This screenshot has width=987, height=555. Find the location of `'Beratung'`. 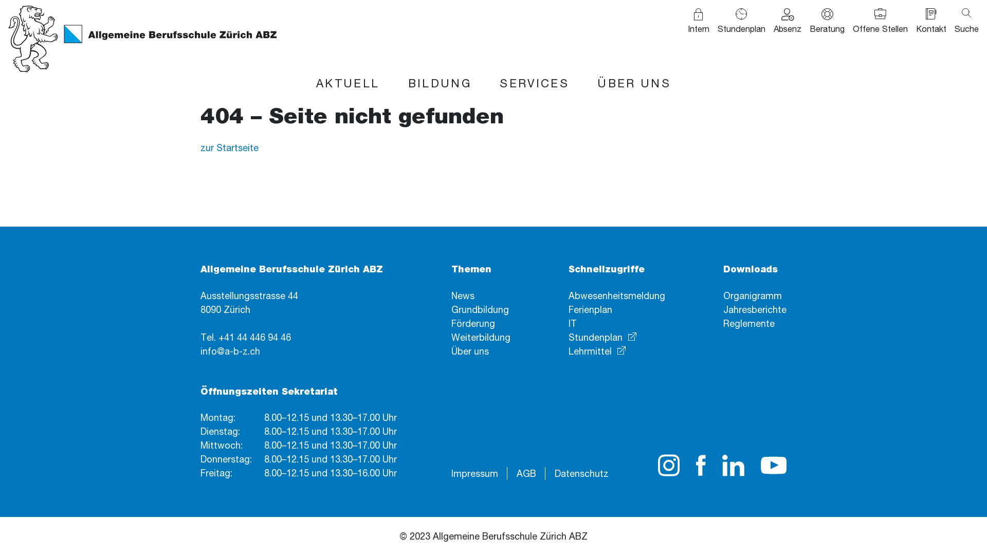

'Beratung' is located at coordinates (827, 22).